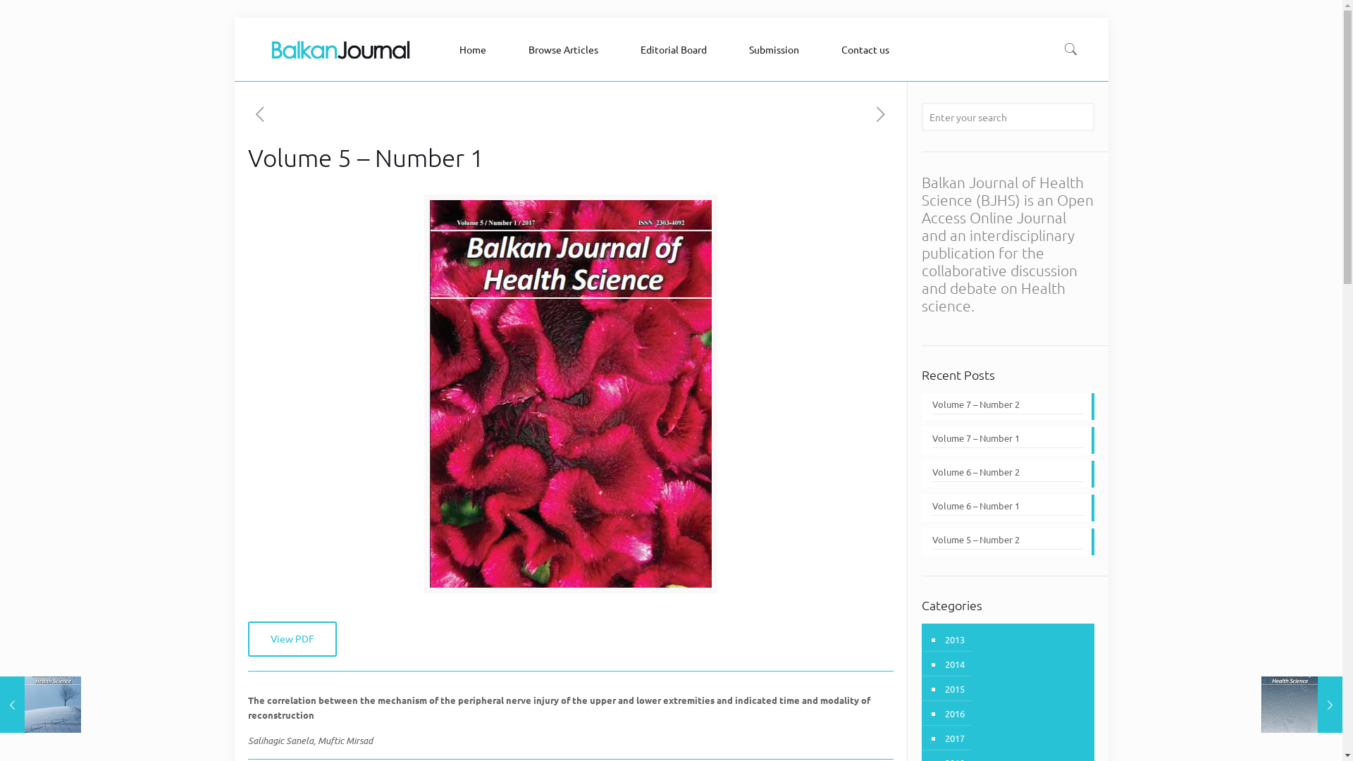 The width and height of the screenshot is (1353, 761). I want to click on '2014', so click(953, 664).